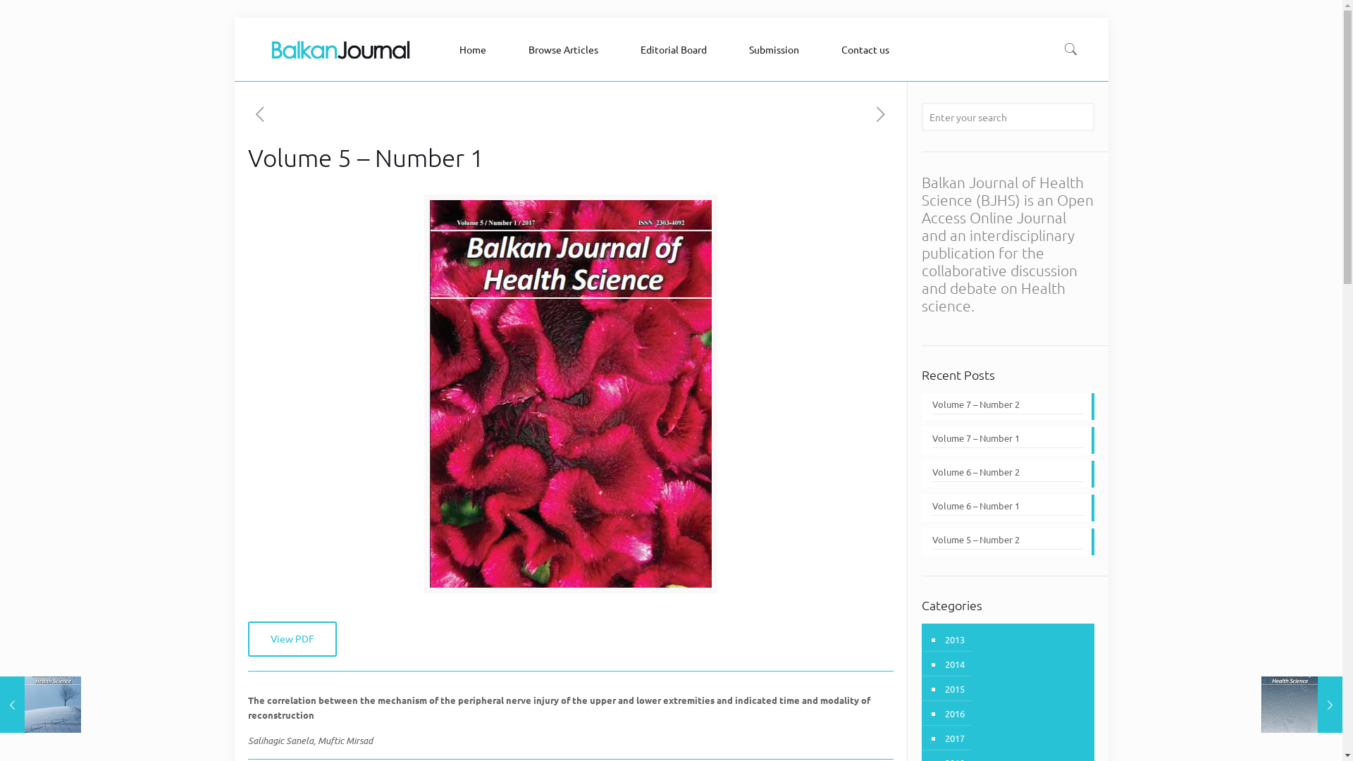 The width and height of the screenshot is (1353, 761). I want to click on '2014', so click(953, 664).